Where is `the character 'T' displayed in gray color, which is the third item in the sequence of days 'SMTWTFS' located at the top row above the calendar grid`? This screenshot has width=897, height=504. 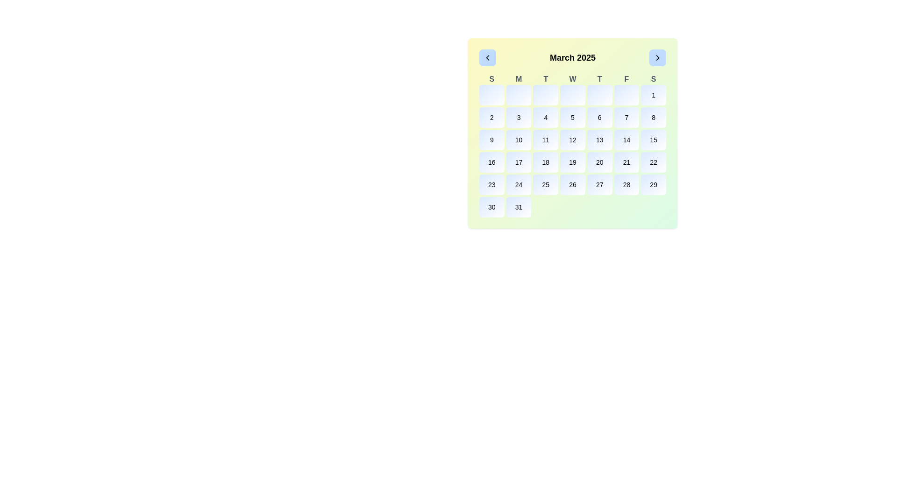 the character 'T' displayed in gray color, which is the third item in the sequence of days 'SMTWTFS' located at the top row above the calendar grid is located at coordinates (546, 78).